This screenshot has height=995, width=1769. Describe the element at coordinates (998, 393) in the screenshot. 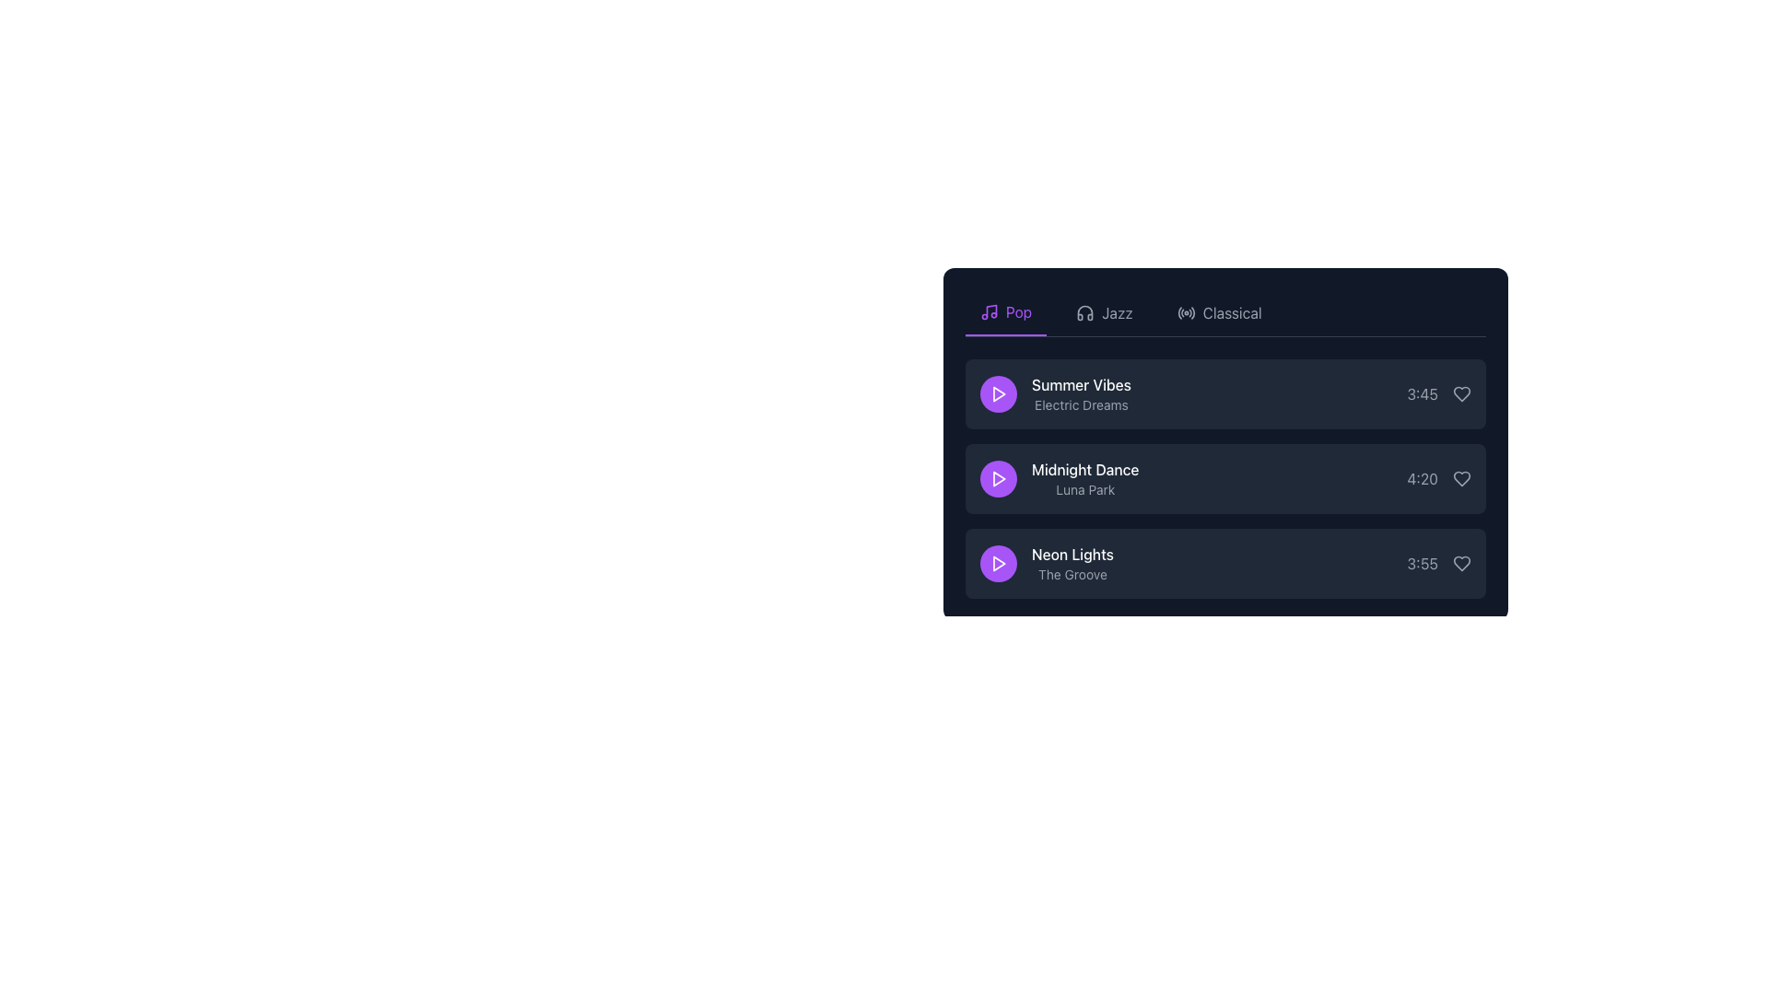

I see `the purple triangle 'Play' icon button located to the left of the text 'Summer Vibes' in the first list item of the music playlist` at that location.